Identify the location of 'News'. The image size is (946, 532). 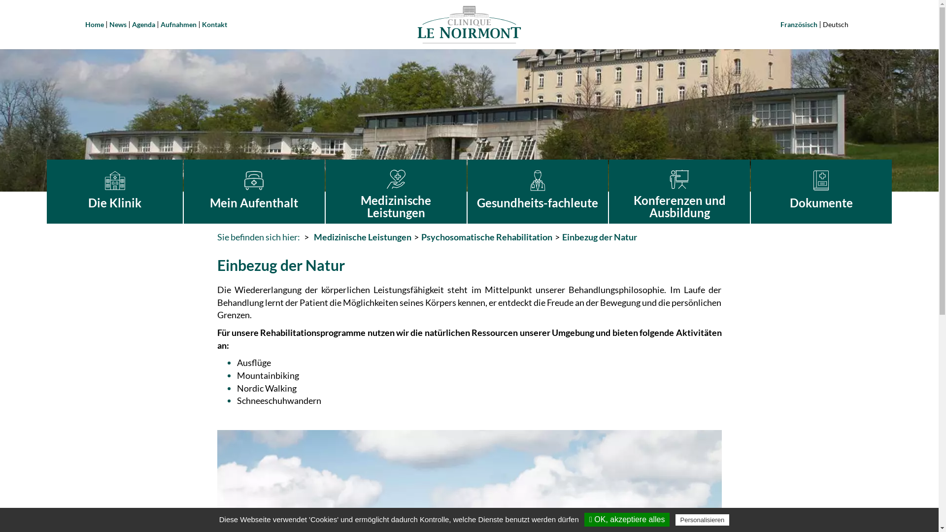
(118, 24).